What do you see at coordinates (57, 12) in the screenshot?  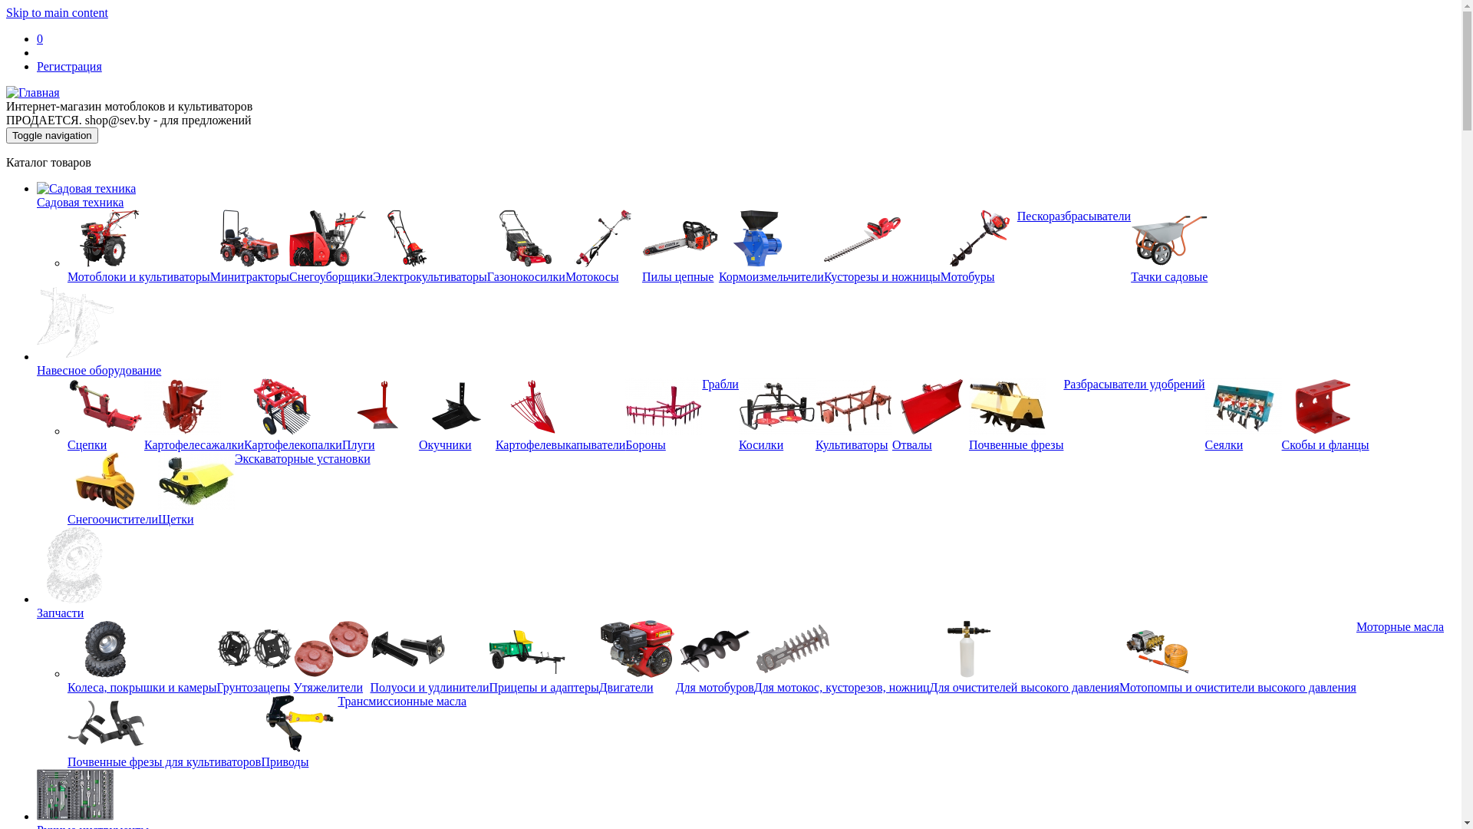 I see `'Skip to main content'` at bounding box center [57, 12].